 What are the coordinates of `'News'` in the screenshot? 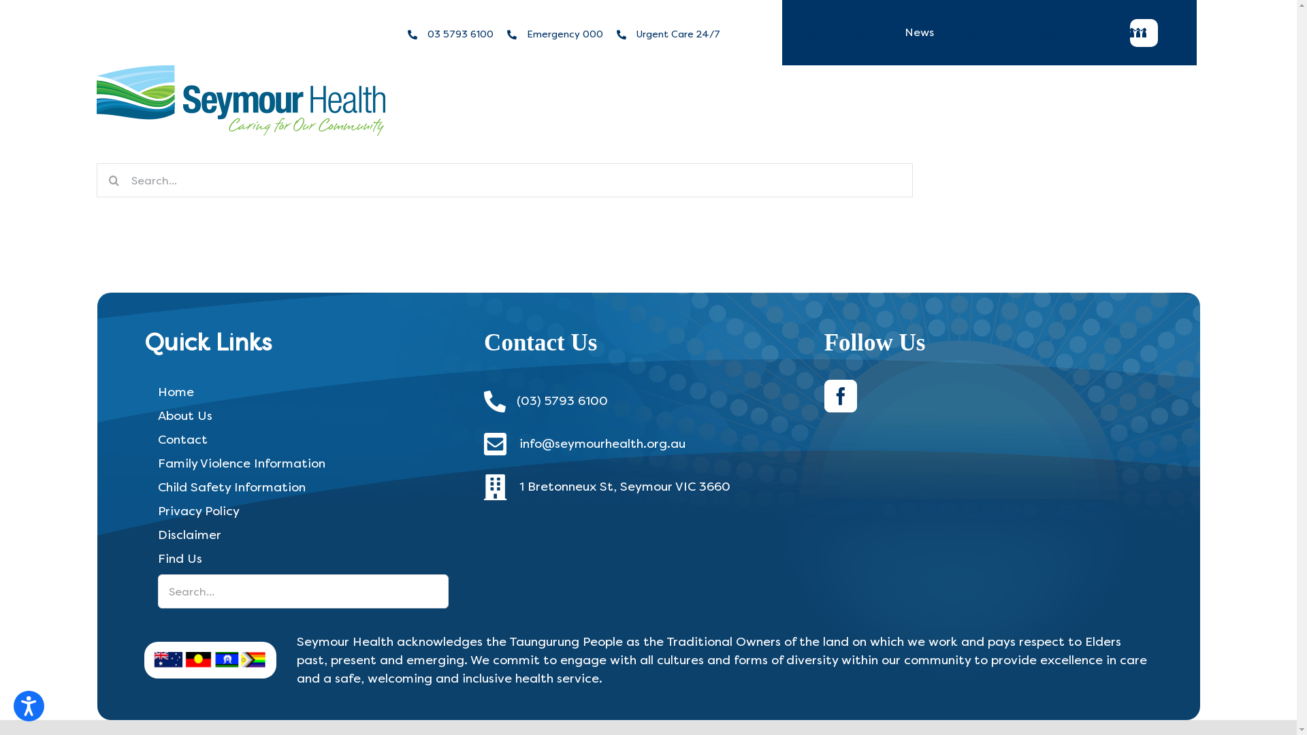 It's located at (919, 31).